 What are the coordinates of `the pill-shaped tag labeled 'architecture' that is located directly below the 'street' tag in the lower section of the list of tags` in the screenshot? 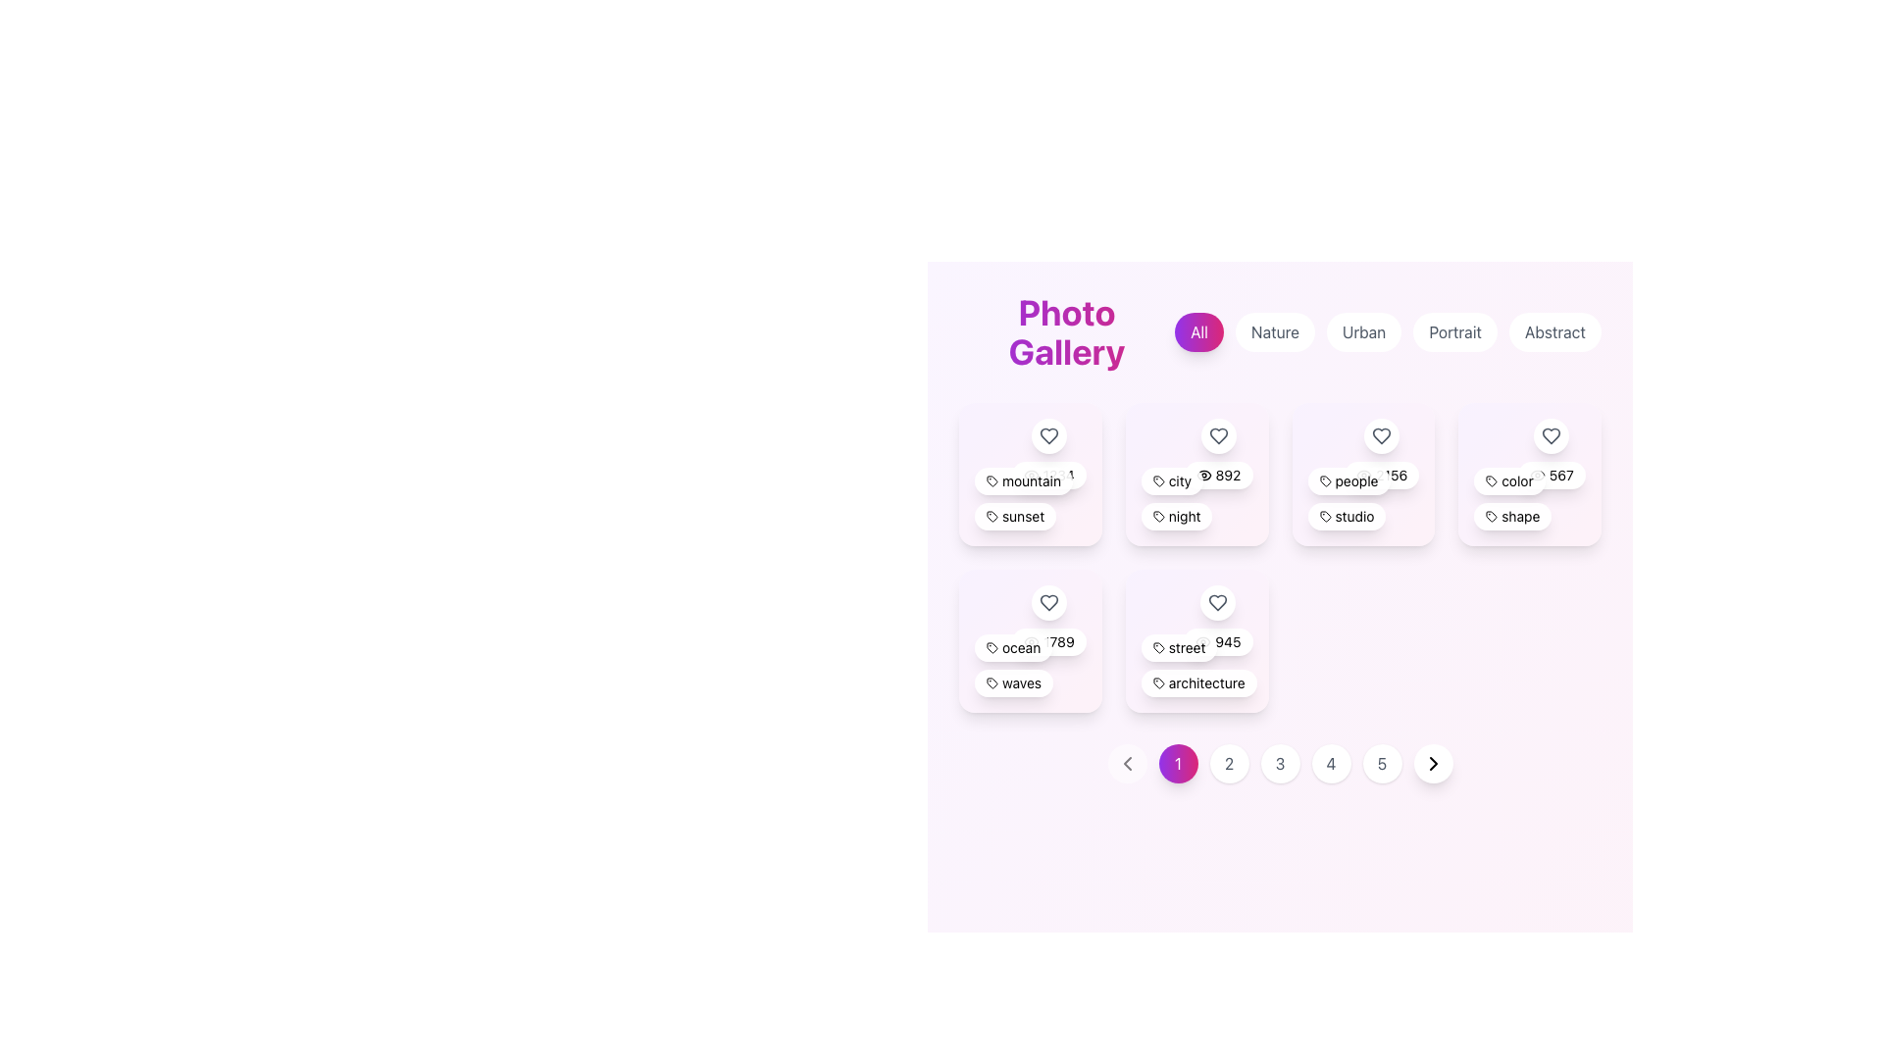 It's located at (1197, 681).